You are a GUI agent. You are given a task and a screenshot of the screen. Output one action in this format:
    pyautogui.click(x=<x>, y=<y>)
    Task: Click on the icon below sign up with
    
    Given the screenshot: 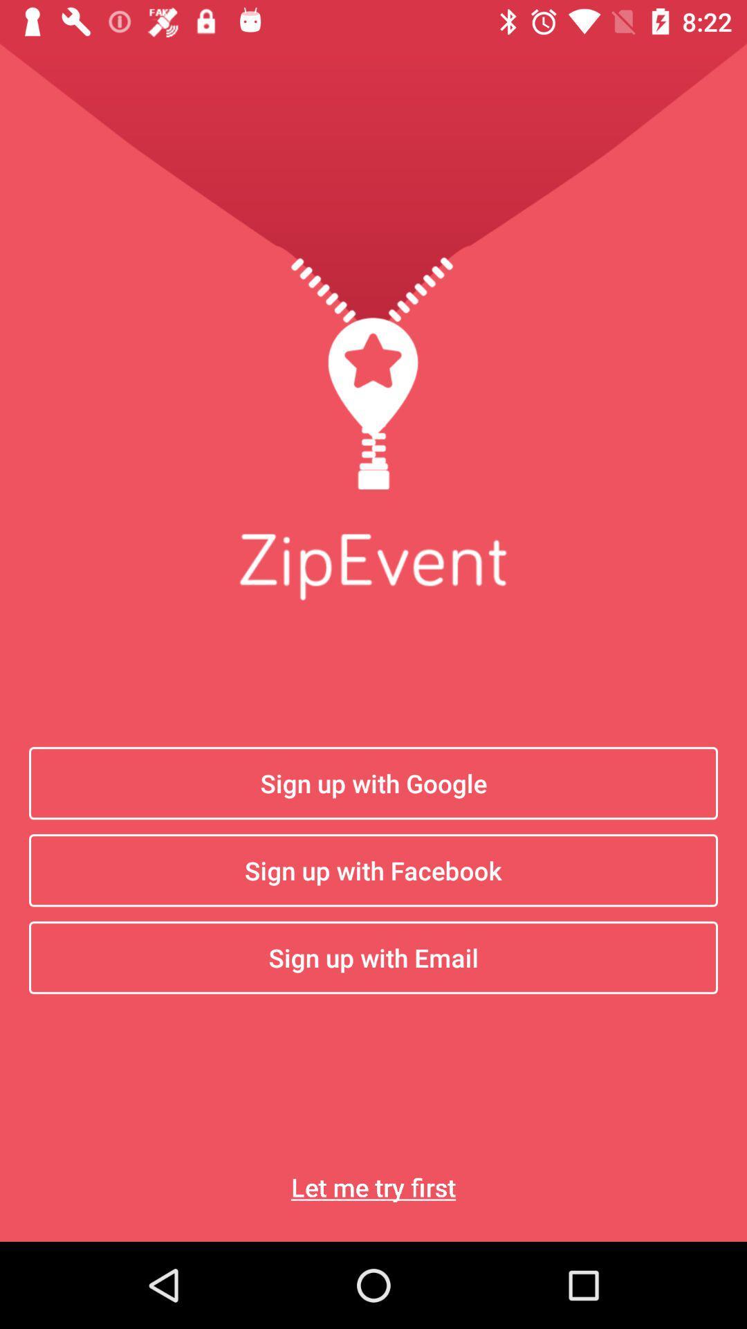 What is the action you would take?
    pyautogui.click(x=373, y=1186)
    